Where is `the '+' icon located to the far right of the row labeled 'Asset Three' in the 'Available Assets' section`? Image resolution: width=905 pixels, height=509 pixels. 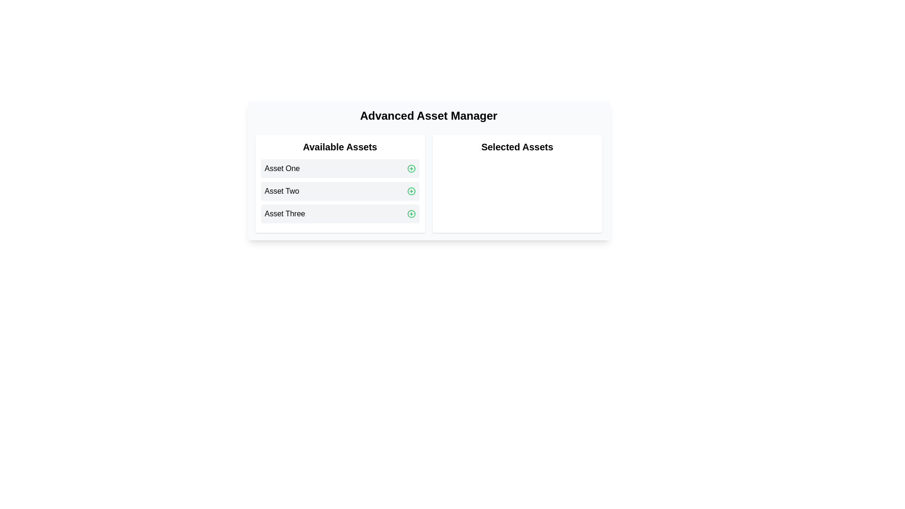 the '+' icon located to the far right of the row labeled 'Asset Three' in the 'Available Assets' section is located at coordinates (411, 214).